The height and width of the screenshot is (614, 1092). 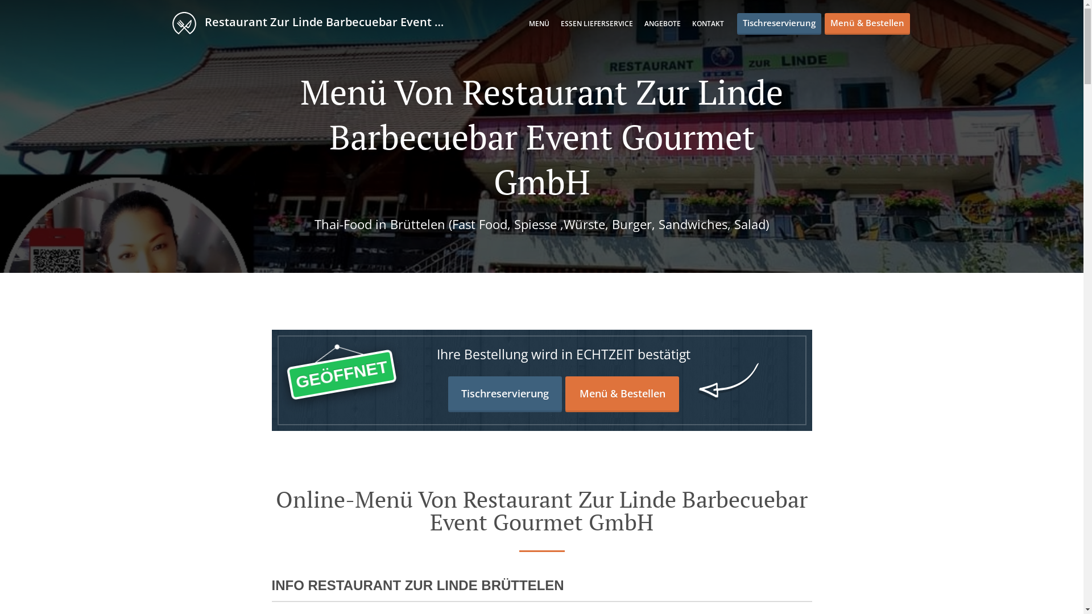 What do you see at coordinates (316, 22) in the screenshot?
I see `' Restaurant Zur Linde Barbecuebar Event Gourmet GmbH'` at bounding box center [316, 22].